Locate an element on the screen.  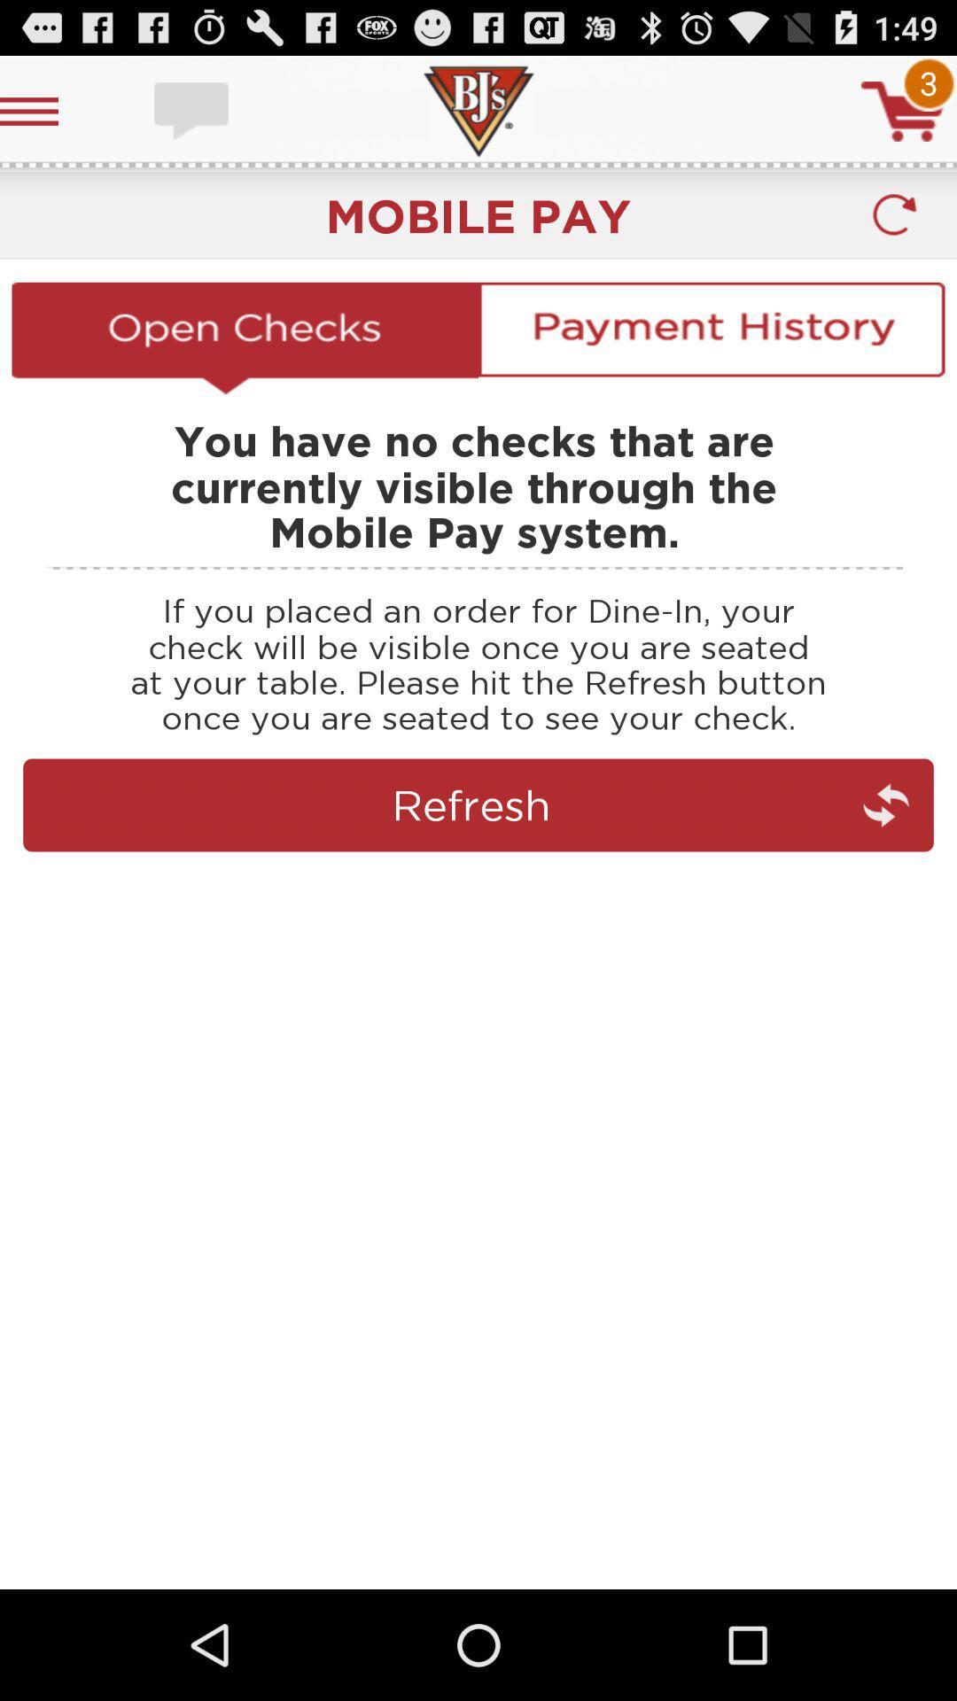
messages button is located at coordinates (193, 110).